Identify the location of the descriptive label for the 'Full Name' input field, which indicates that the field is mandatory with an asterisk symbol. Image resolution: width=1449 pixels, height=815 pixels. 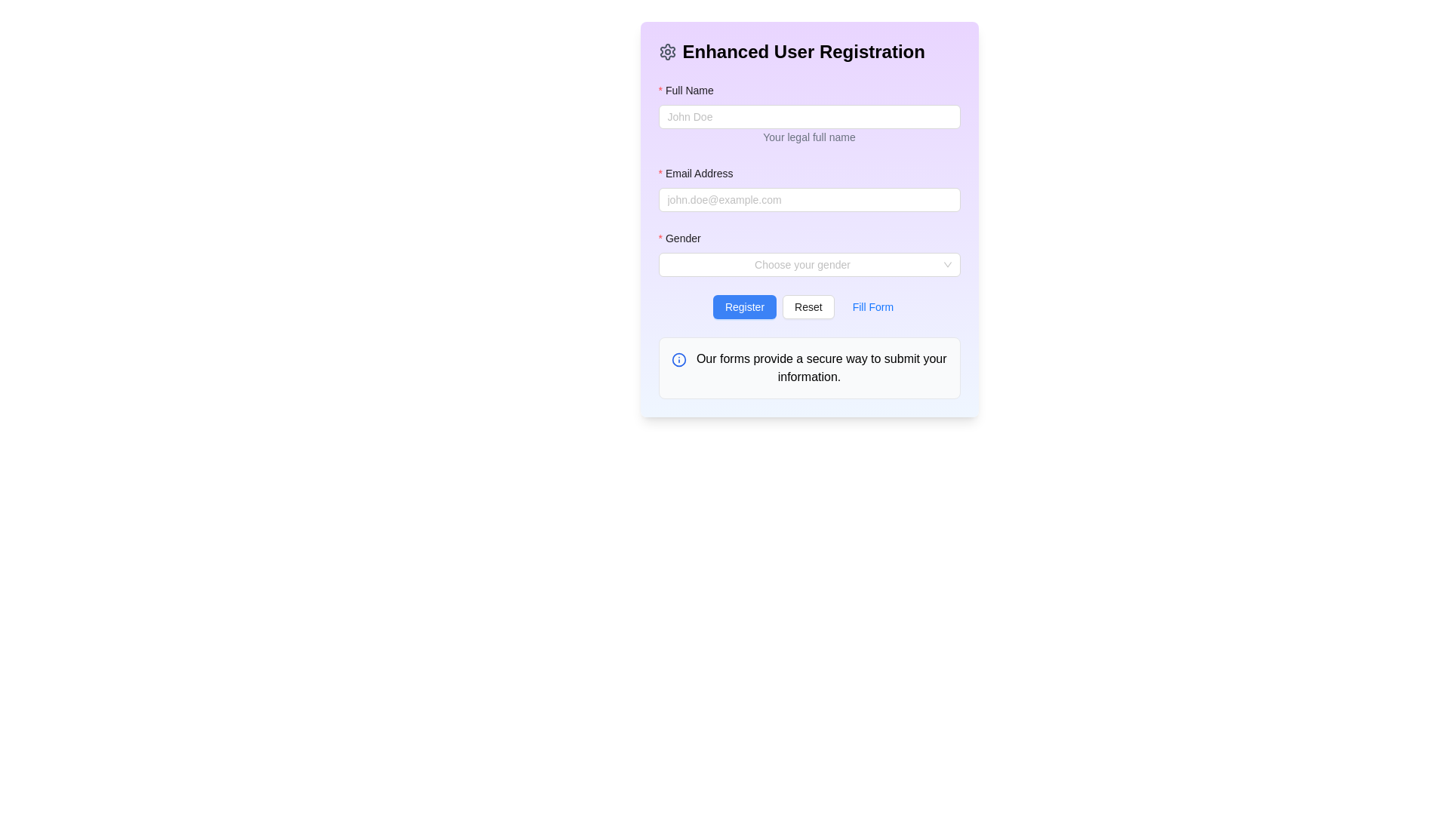
(691, 90).